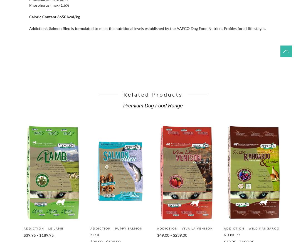 The width and height of the screenshot is (306, 242). I want to click on '$39.95 - $189.95', so click(38, 235).